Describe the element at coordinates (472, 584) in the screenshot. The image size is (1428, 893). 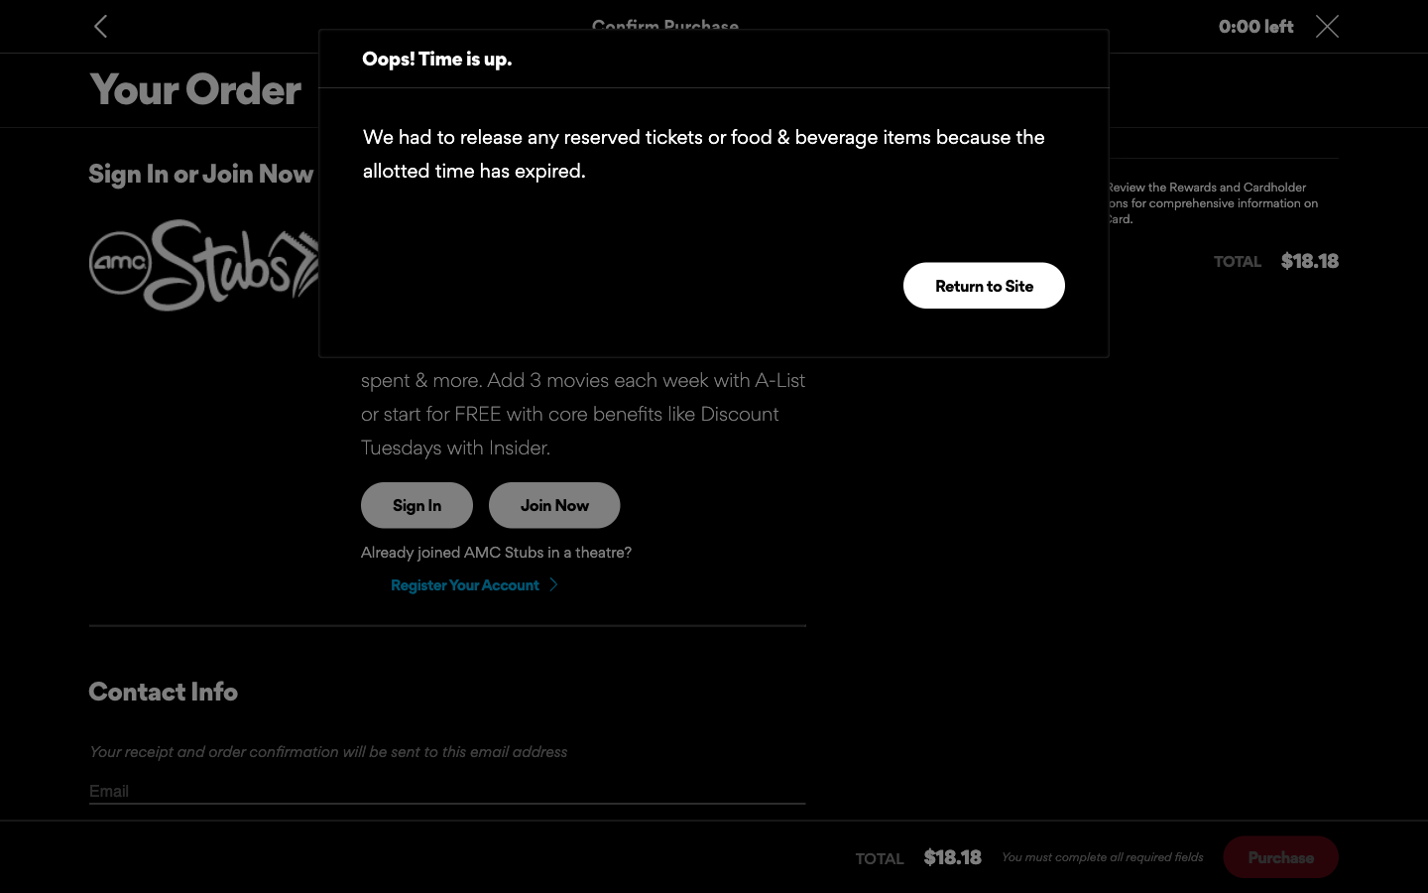
I see `Begin the process of registering for a new account` at that location.